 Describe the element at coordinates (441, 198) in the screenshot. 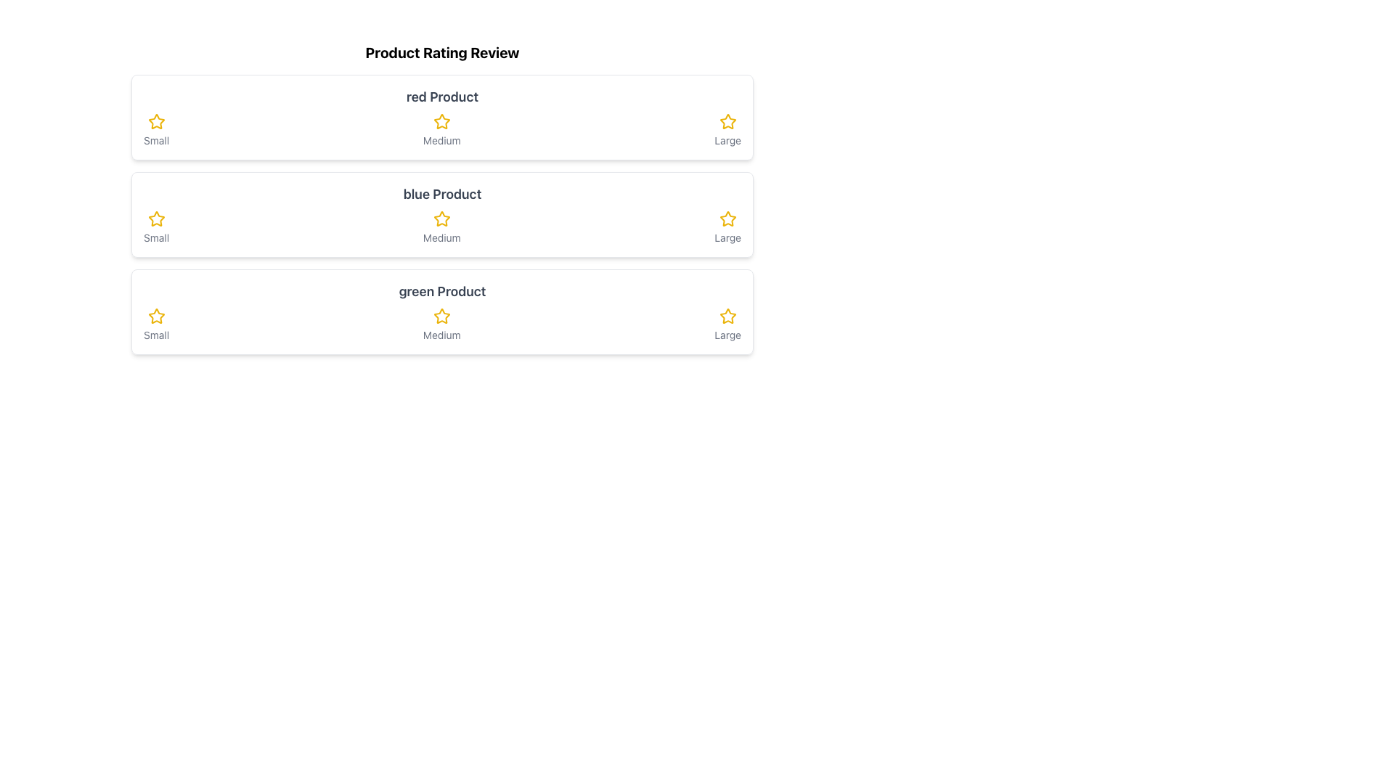

I see `a star button in the interactive rating panel to rate the product, which is located centrally below the title 'Product Rating Review'` at that location.